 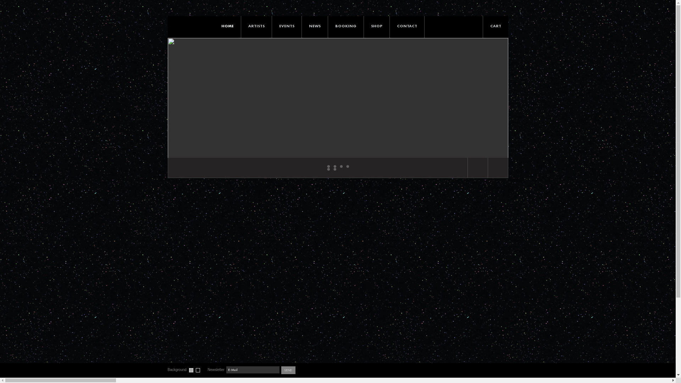 I want to click on 'Send', so click(x=281, y=370).